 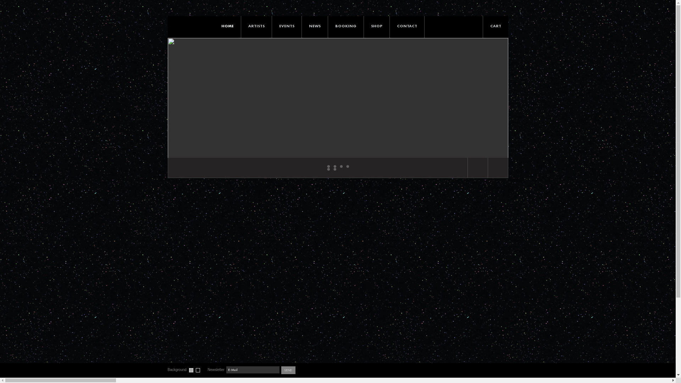 I want to click on 'Send', so click(x=281, y=370).